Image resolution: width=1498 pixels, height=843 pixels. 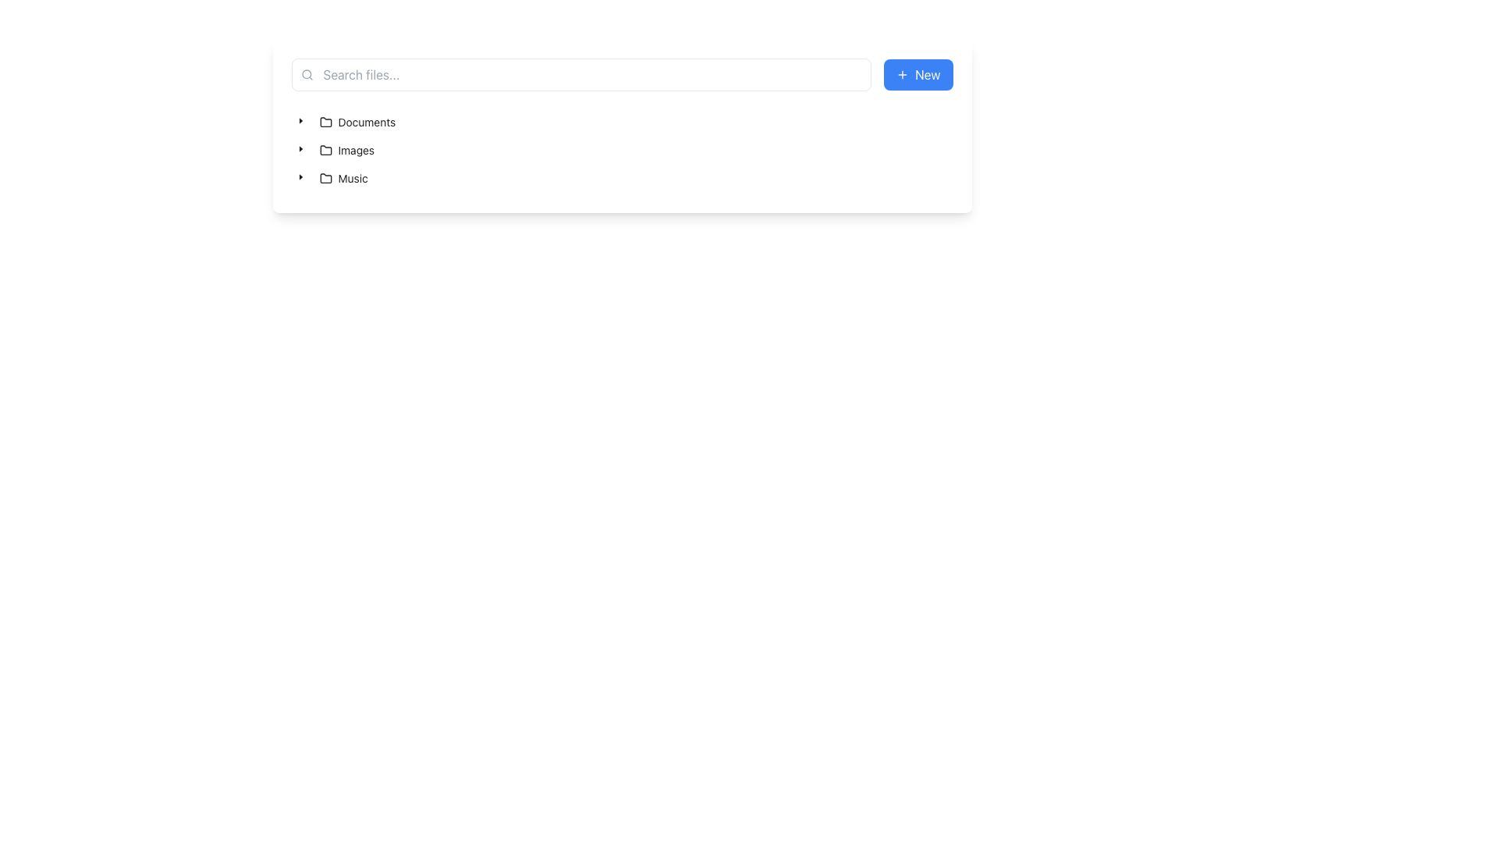 I want to click on the folder icon that represents 'Music', which is styled in a minimalistic design and is the third item in the vertical list of icons, so click(x=325, y=177).